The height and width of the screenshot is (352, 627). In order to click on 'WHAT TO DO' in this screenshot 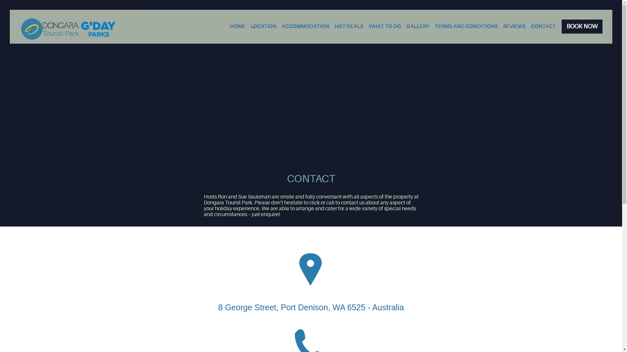, I will do `click(385, 26)`.